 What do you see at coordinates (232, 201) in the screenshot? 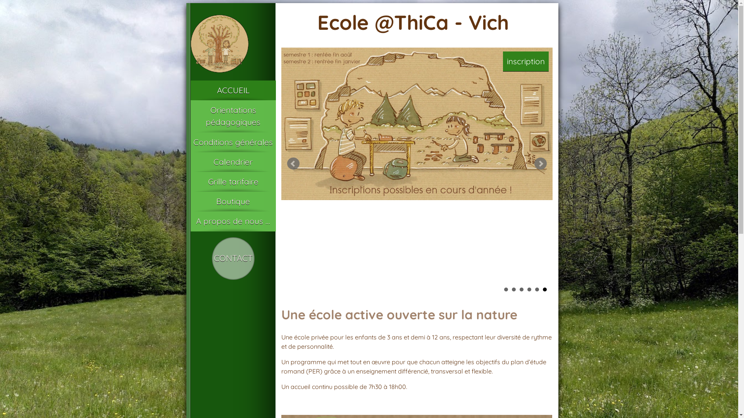
I see `'Boutique'` at bounding box center [232, 201].